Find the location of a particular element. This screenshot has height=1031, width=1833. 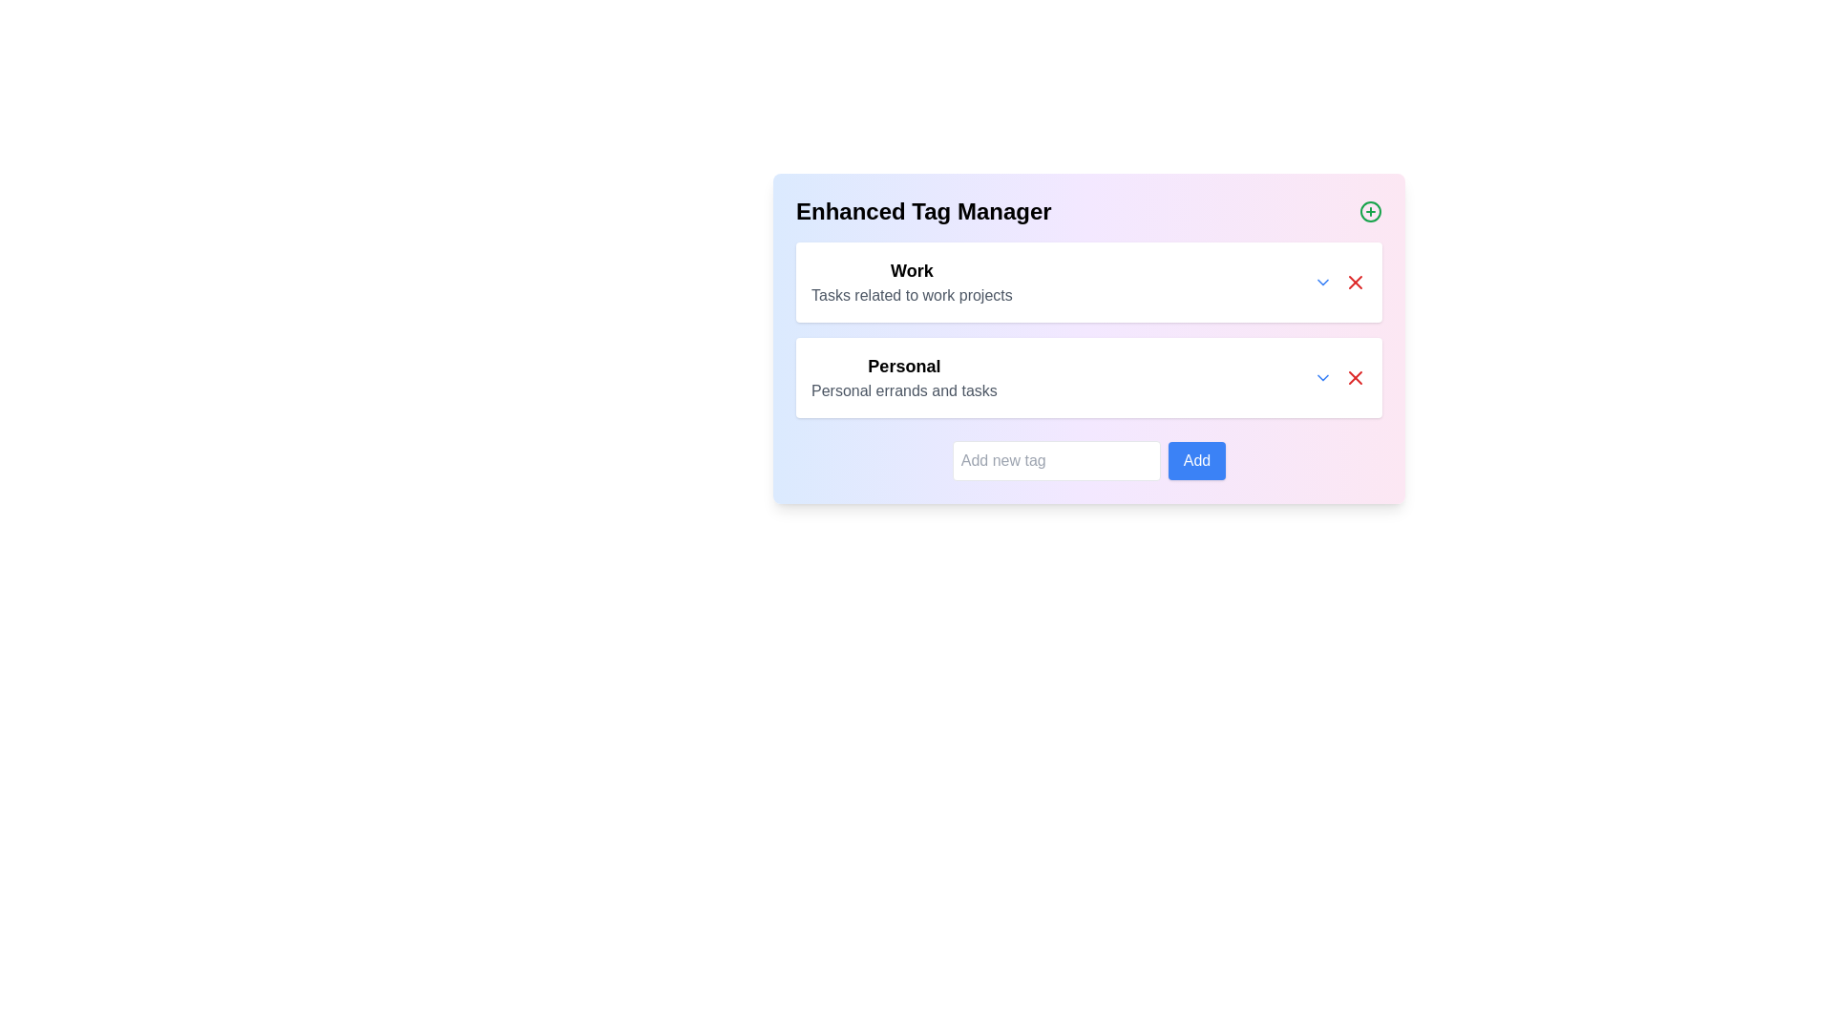

the diagonal line segment that forms the second stroke of the 'X'-shaped close button, which is located at the far right of the 'Personal' tag box is located at coordinates (1355, 378).